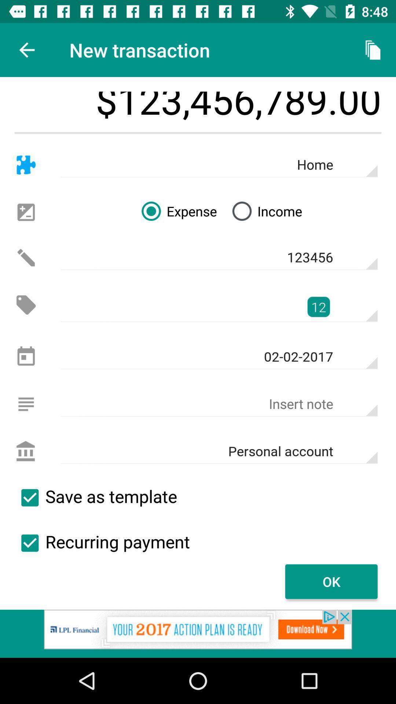 Image resolution: width=396 pixels, height=704 pixels. What do you see at coordinates (26, 404) in the screenshot?
I see `a note` at bounding box center [26, 404].